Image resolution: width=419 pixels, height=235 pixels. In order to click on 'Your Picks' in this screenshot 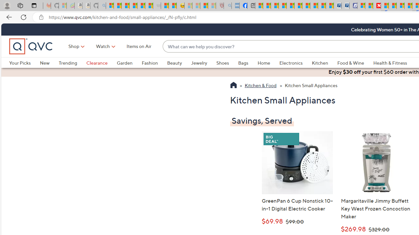, I will do `click(20, 63)`.